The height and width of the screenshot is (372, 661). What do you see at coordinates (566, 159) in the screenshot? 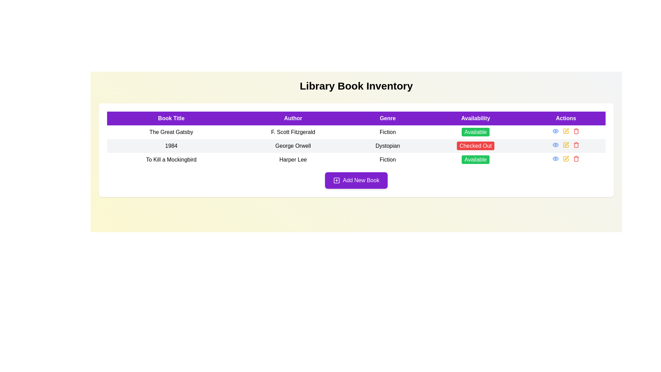
I see `the edit button for the row corresponding to 'To Kill a Mockingbird', which is the second action icon in the 'Actions' column, located between the blue 'view' icon and the red 'delete' icon` at bounding box center [566, 159].